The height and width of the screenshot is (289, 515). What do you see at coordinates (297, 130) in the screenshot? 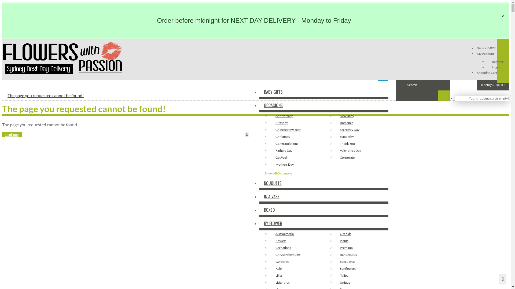
I see `'Chinese New Year'` at bounding box center [297, 130].